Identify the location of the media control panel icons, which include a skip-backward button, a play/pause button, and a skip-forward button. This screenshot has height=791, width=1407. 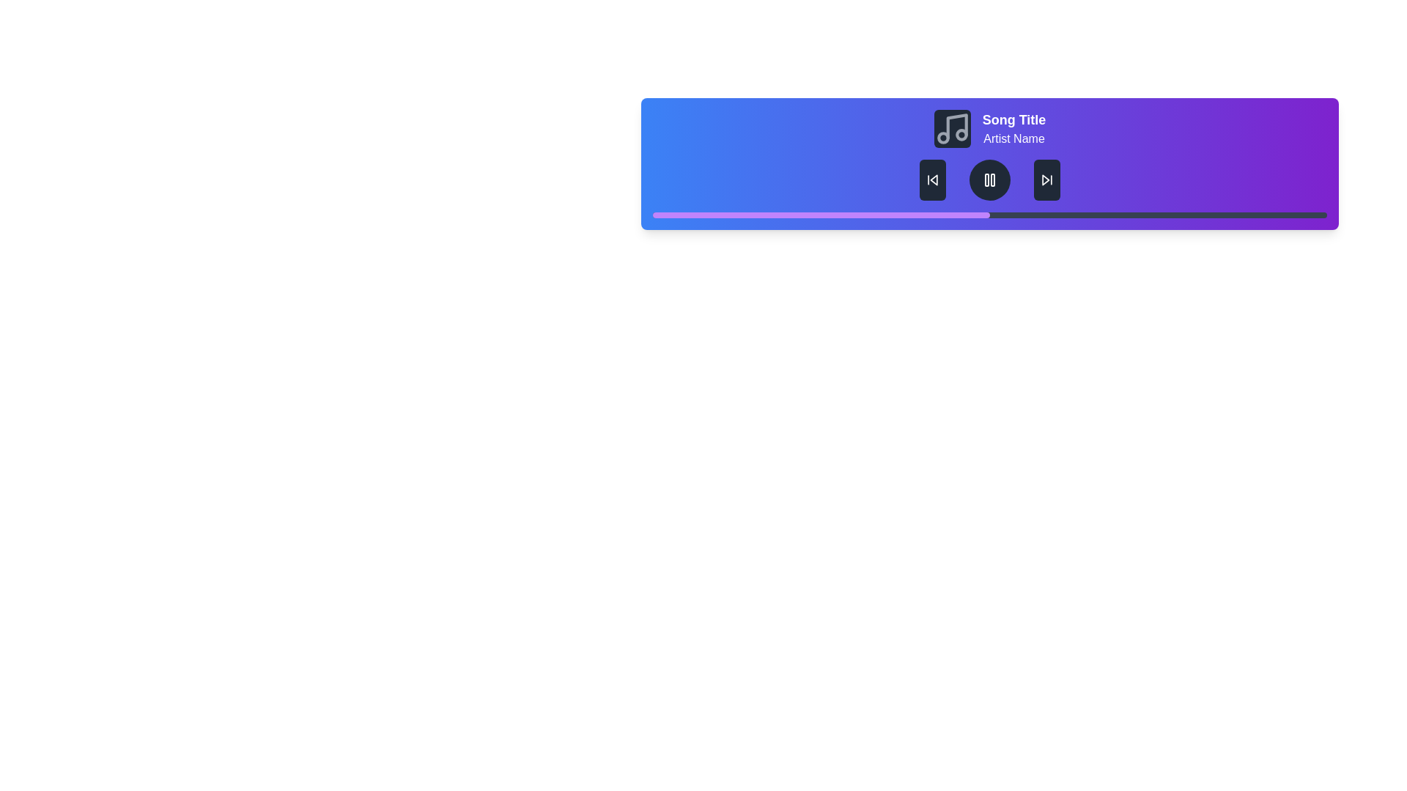
(989, 179).